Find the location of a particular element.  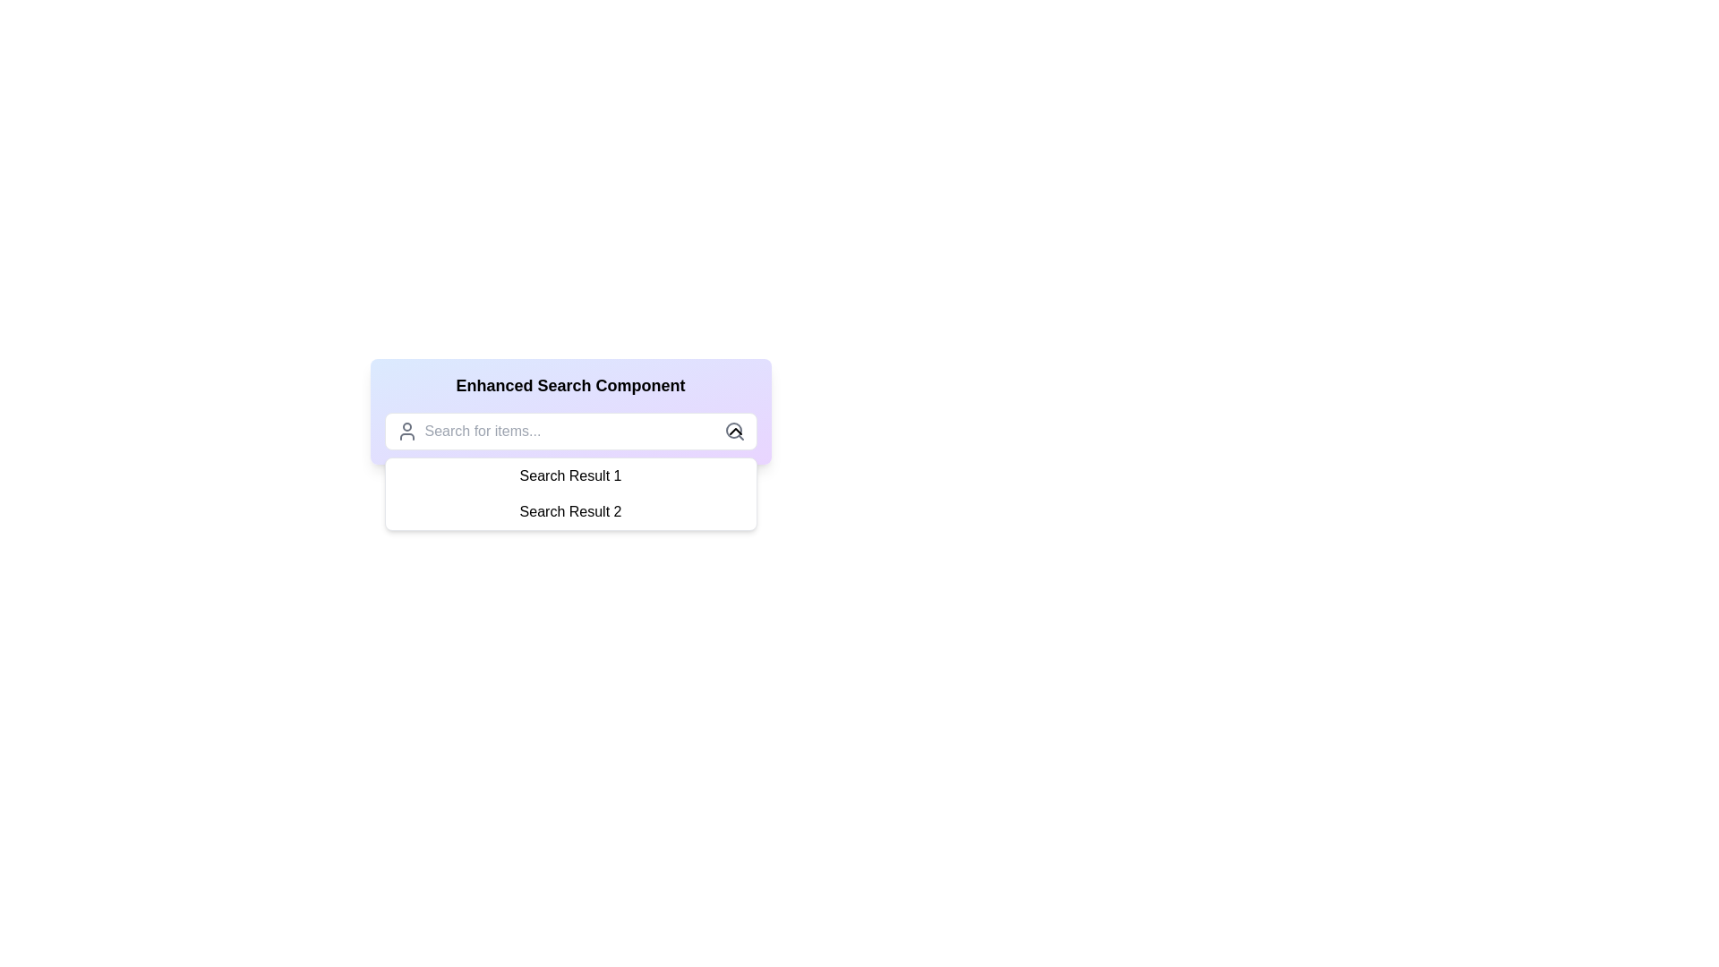

one of the results in the dropdown menu that appears below the search input field, which displays 'Search Result 1' or 'Search Result 2' is located at coordinates (569, 493).